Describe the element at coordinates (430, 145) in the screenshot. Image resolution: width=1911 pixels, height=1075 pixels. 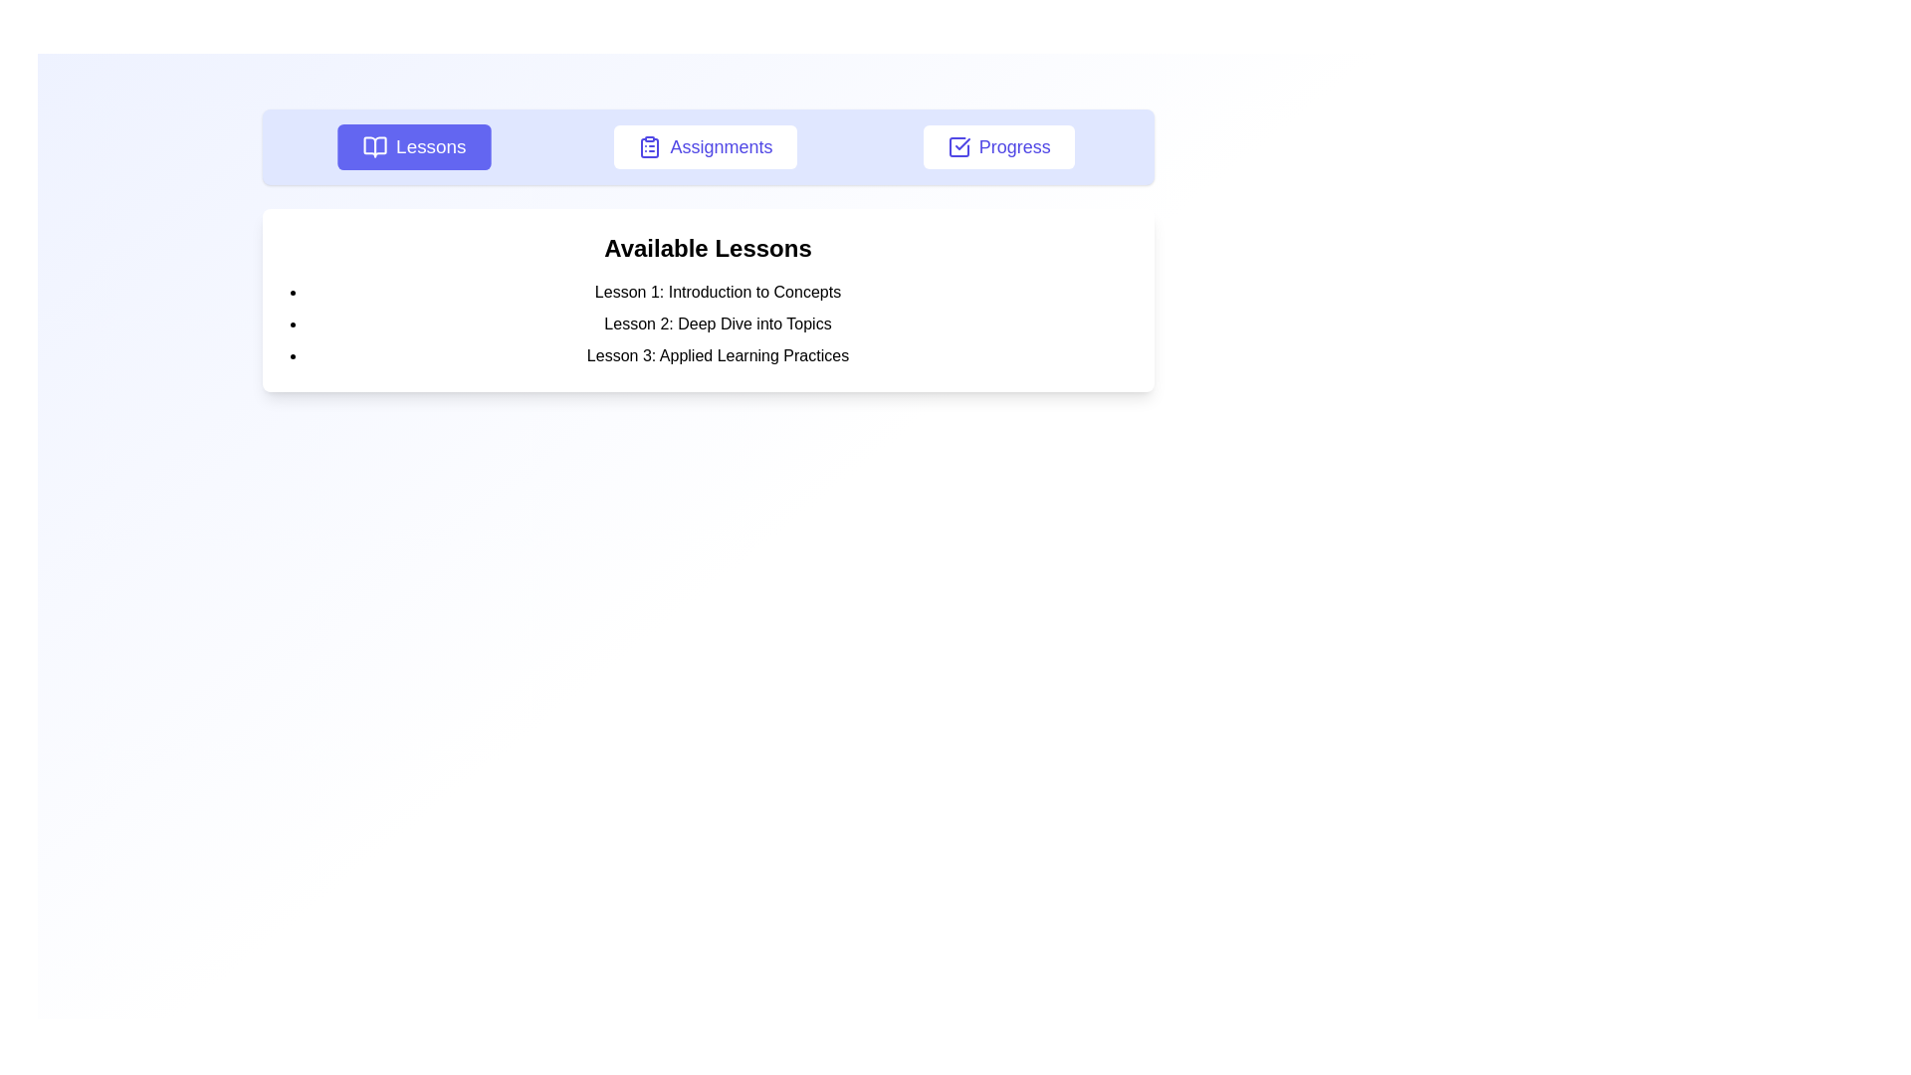
I see `the 'Lessons' text label inside the button located in the top bar, which is positioned to the left of 'Assignments' and to the right of an open book icon` at that location.